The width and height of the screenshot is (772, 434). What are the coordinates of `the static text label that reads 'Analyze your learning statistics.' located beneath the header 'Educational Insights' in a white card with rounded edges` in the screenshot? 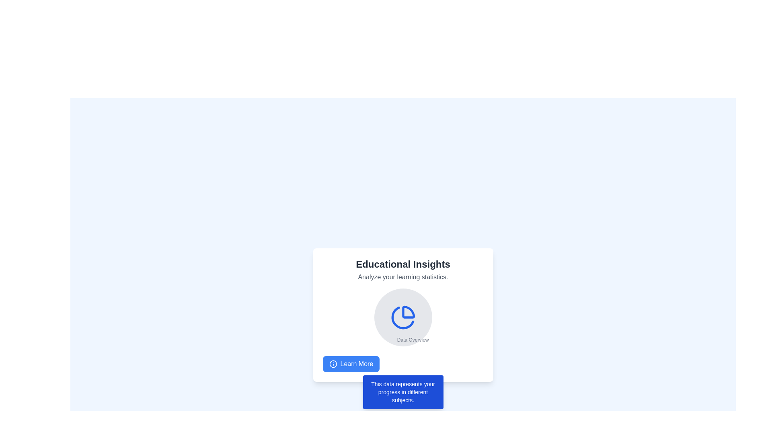 It's located at (403, 277).